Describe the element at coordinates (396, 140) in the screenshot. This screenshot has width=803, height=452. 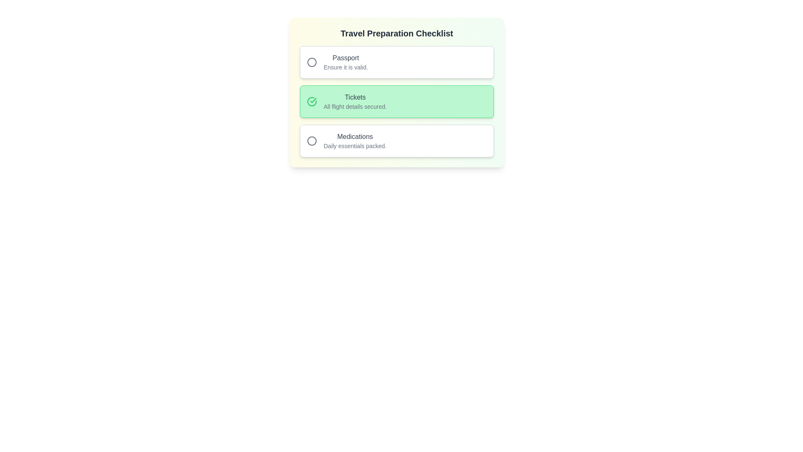
I see `the checkbox for Medications to toggle its status` at that location.